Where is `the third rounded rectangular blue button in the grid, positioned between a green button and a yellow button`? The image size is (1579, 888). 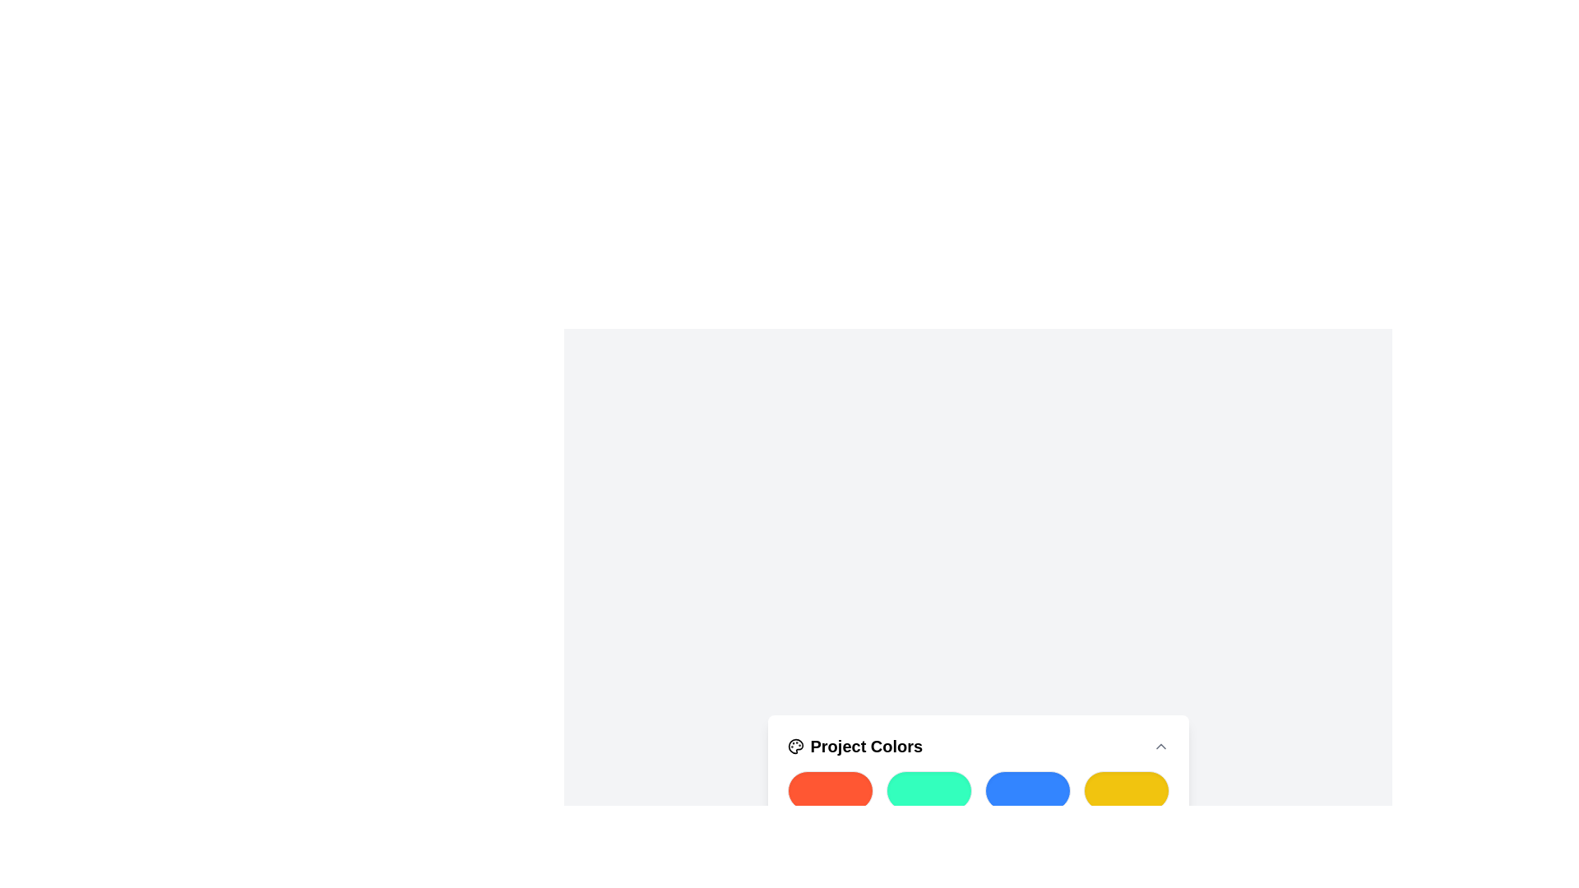
the third rounded rectangular blue button in the grid, positioned between a green button and a yellow button is located at coordinates (1026, 789).